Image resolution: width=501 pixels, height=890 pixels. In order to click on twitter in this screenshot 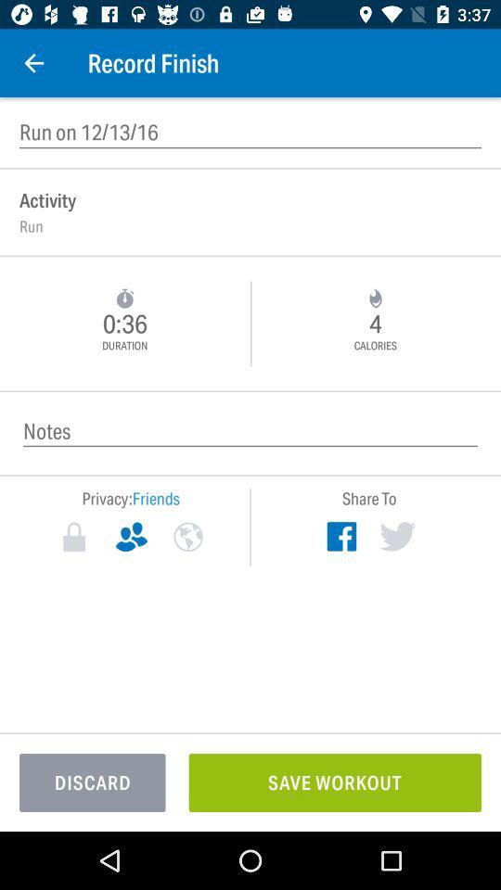, I will do `click(396, 536)`.